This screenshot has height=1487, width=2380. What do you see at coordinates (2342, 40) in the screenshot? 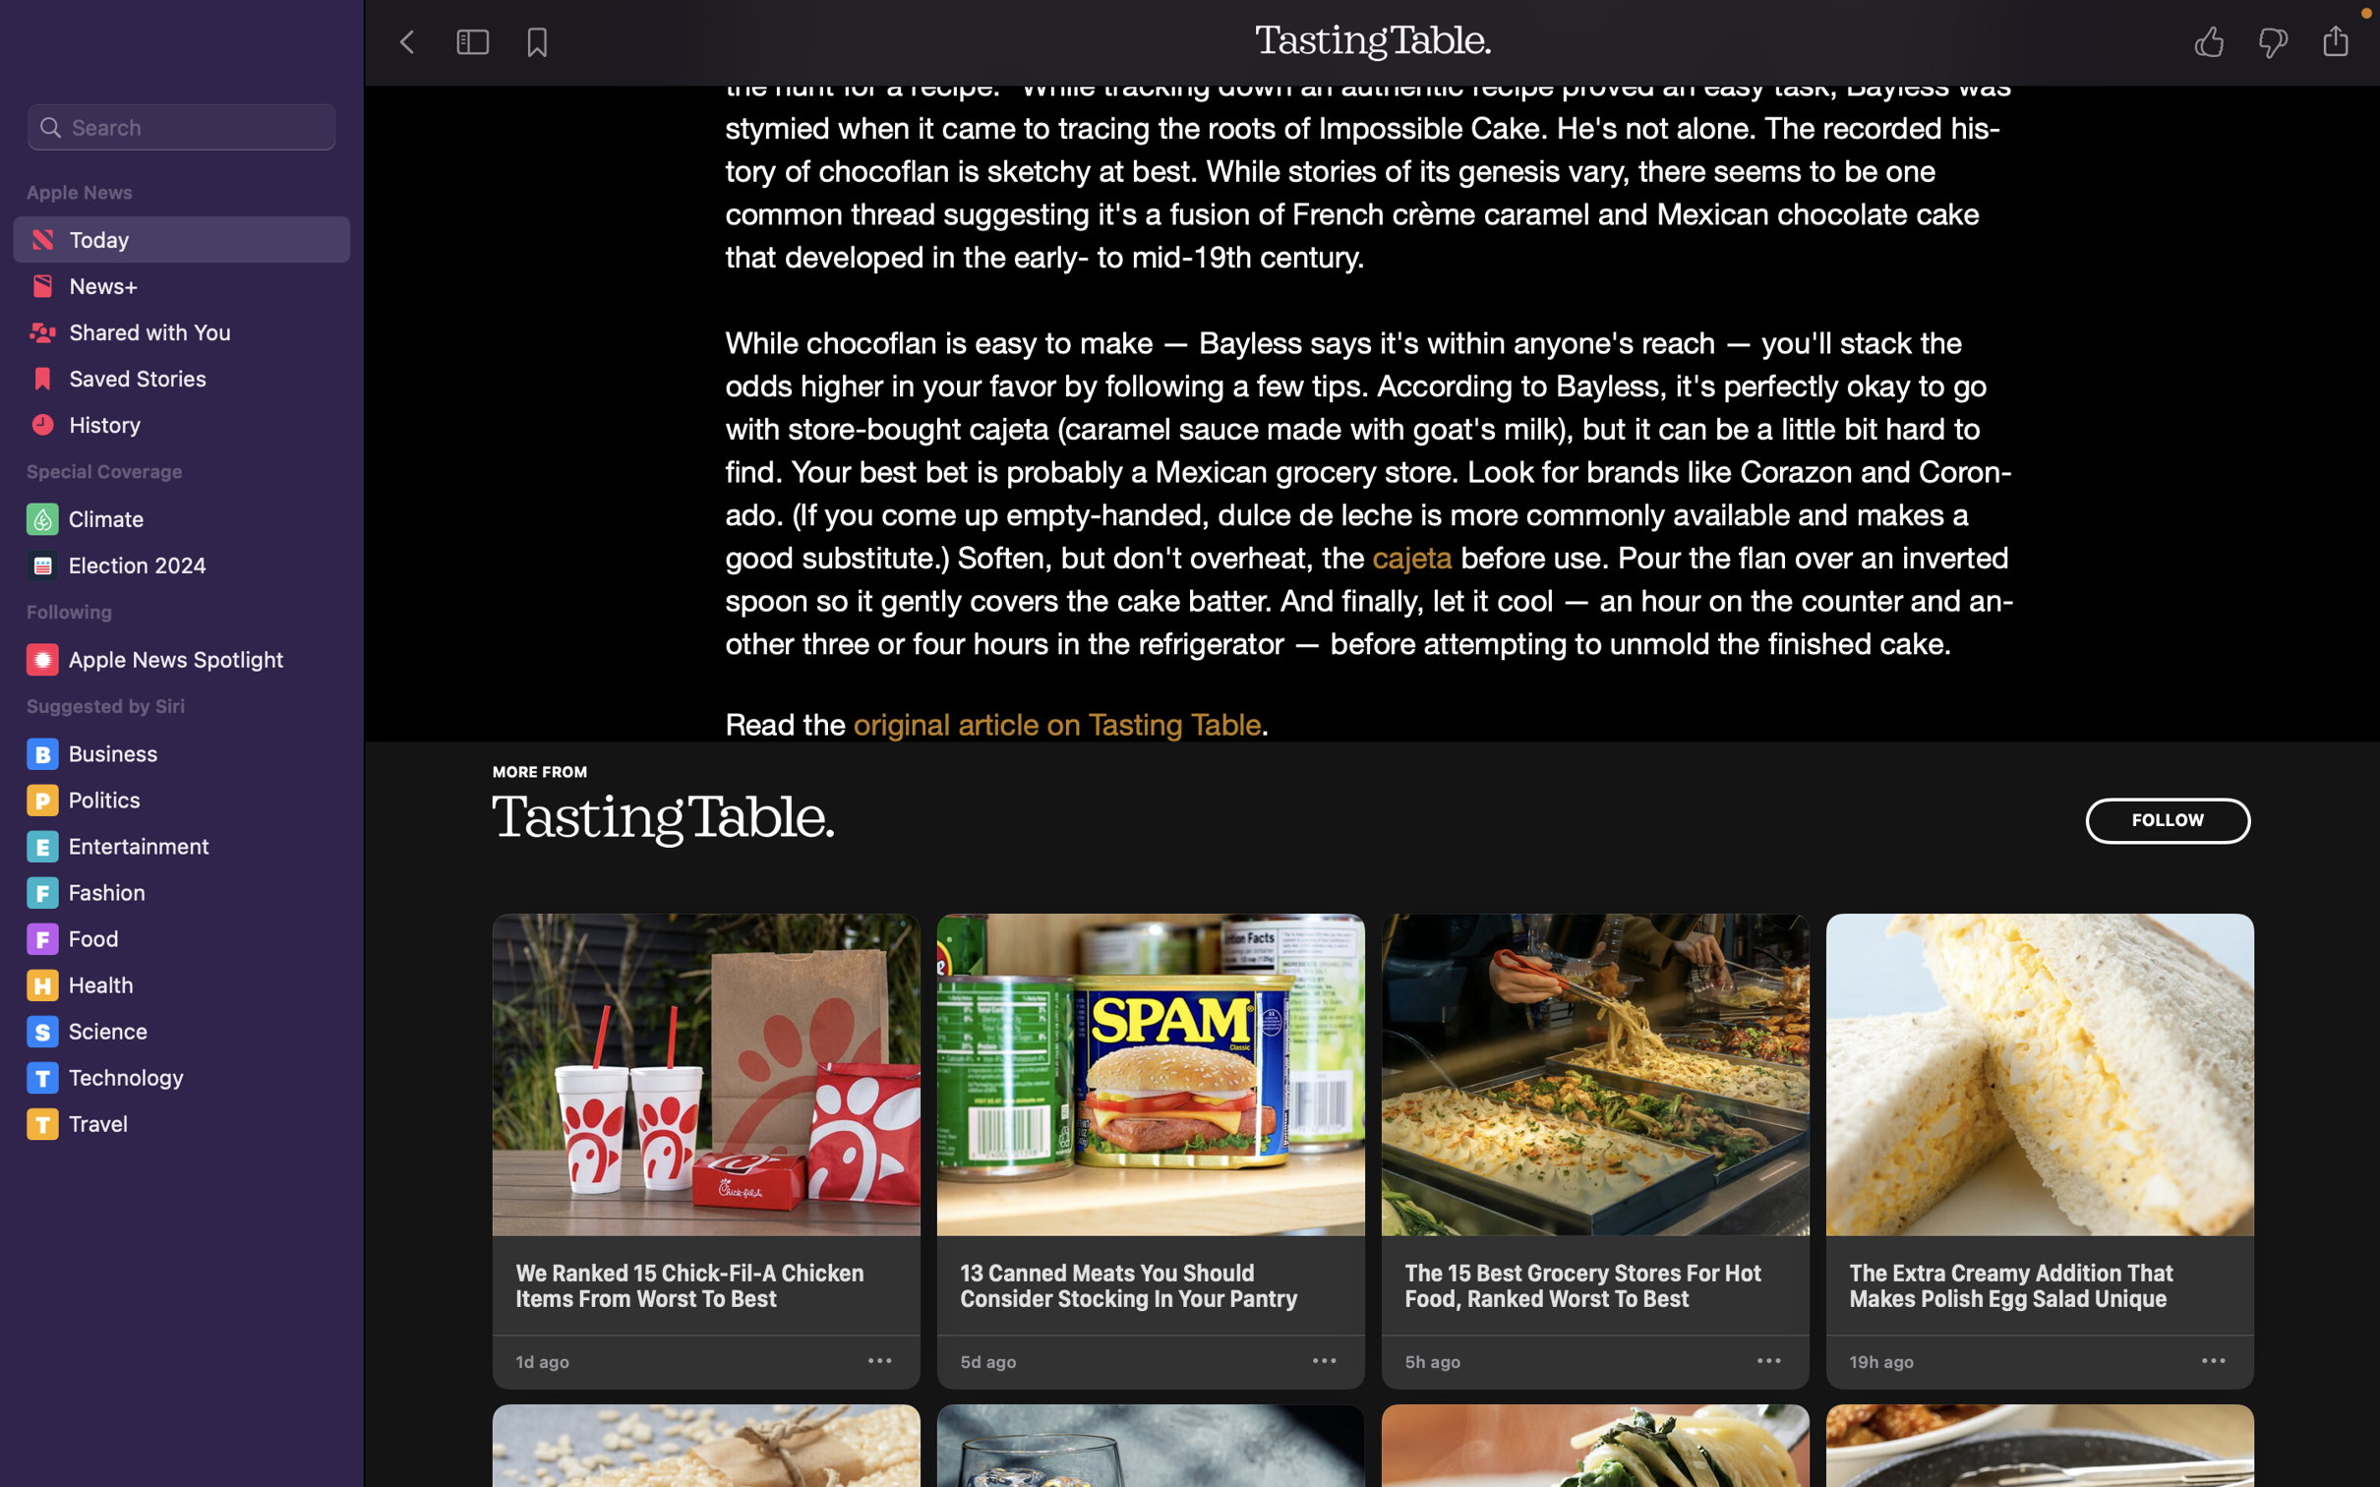
I see `Transfer the tale to the Notes application` at bounding box center [2342, 40].